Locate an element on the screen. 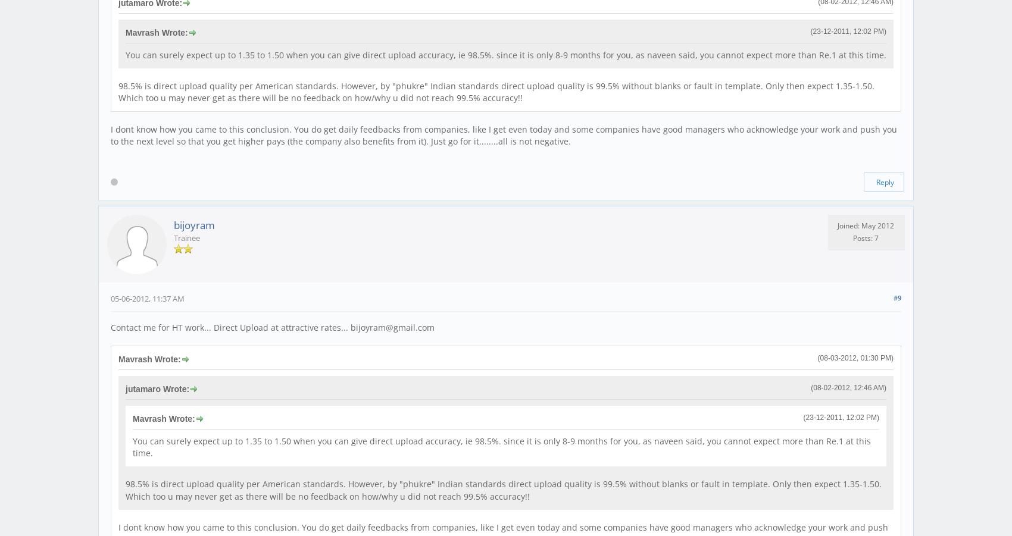  'Posts: 7' is located at coordinates (865, 237).